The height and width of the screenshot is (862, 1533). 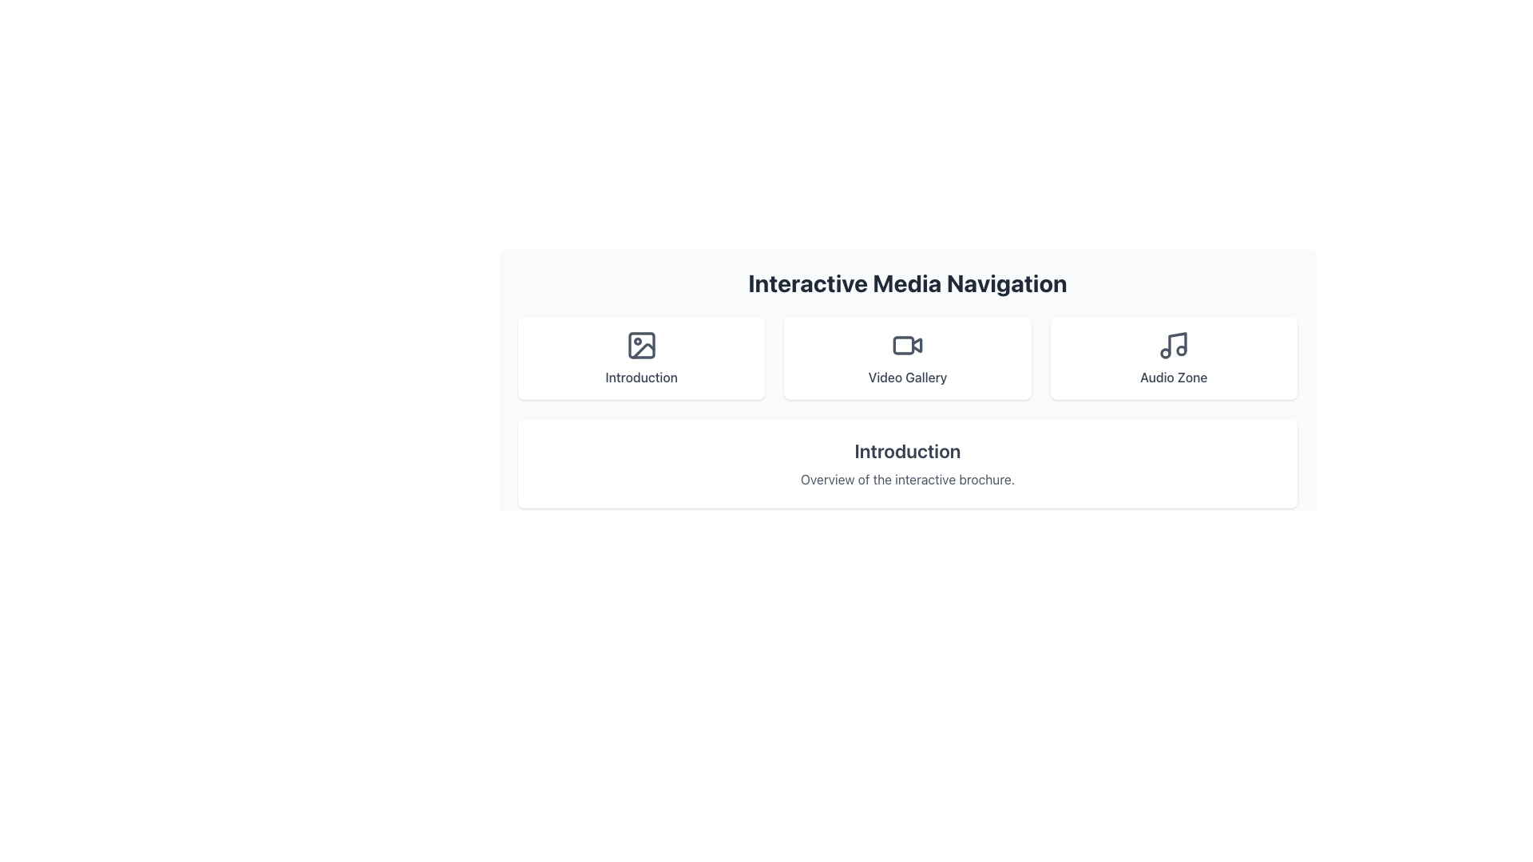 I want to click on the central triangular play icon within the 'Video Gallery' button, so click(x=917, y=344).